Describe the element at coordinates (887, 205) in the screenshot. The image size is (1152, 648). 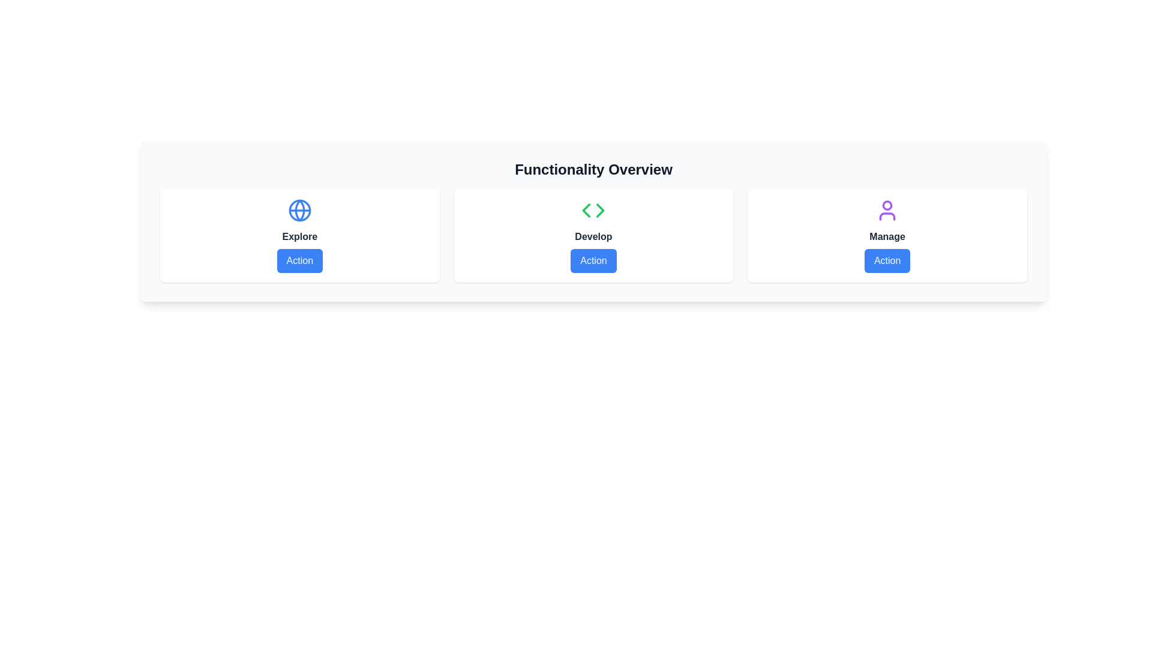
I see `the circular user profile icon styled in purple located at the center top of the 'Manage' box, which is the rightmost icon in the three-icon layout under 'Functionality Overview'` at that location.